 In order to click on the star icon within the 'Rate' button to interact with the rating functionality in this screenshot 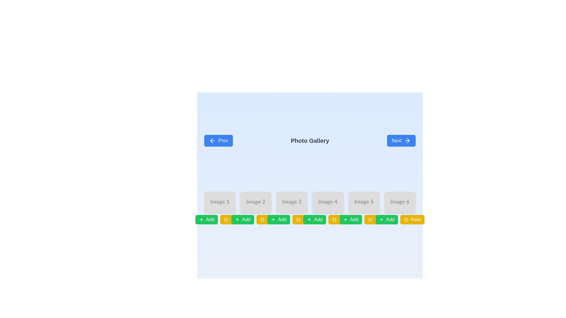, I will do `click(298, 219)`.